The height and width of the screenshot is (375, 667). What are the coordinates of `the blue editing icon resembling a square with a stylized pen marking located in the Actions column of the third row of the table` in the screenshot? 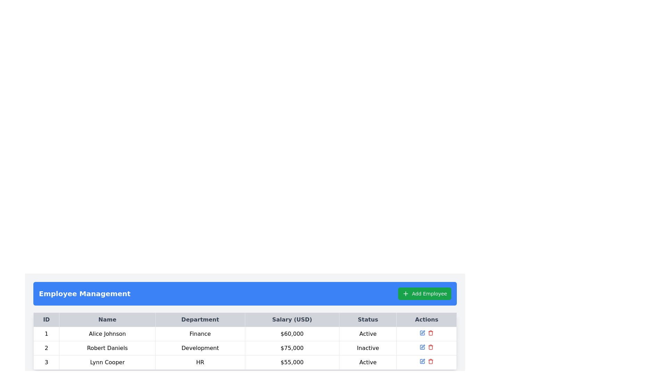 It's located at (422, 347).